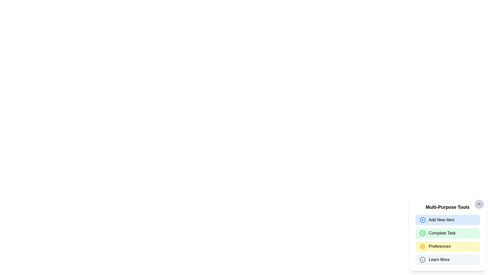 Image resolution: width=490 pixels, height=275 pixels. Describe the element at coordinates (423, 259) in the screenshot. I see `the surrounding button associated with the outer circular shape of the information icon located next` at that location.